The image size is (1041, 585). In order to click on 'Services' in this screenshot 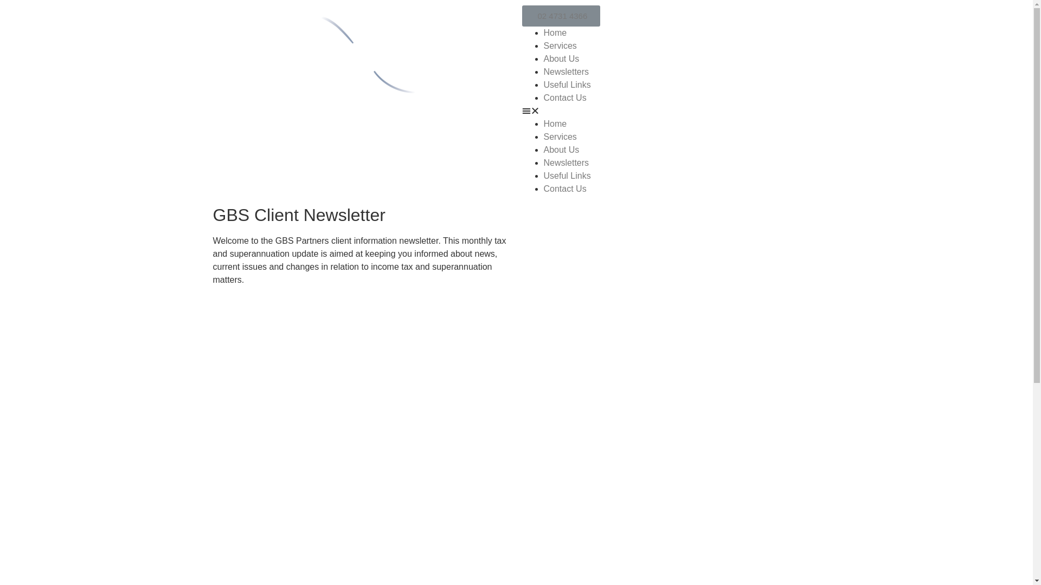, I will do `click(560, 136)`.